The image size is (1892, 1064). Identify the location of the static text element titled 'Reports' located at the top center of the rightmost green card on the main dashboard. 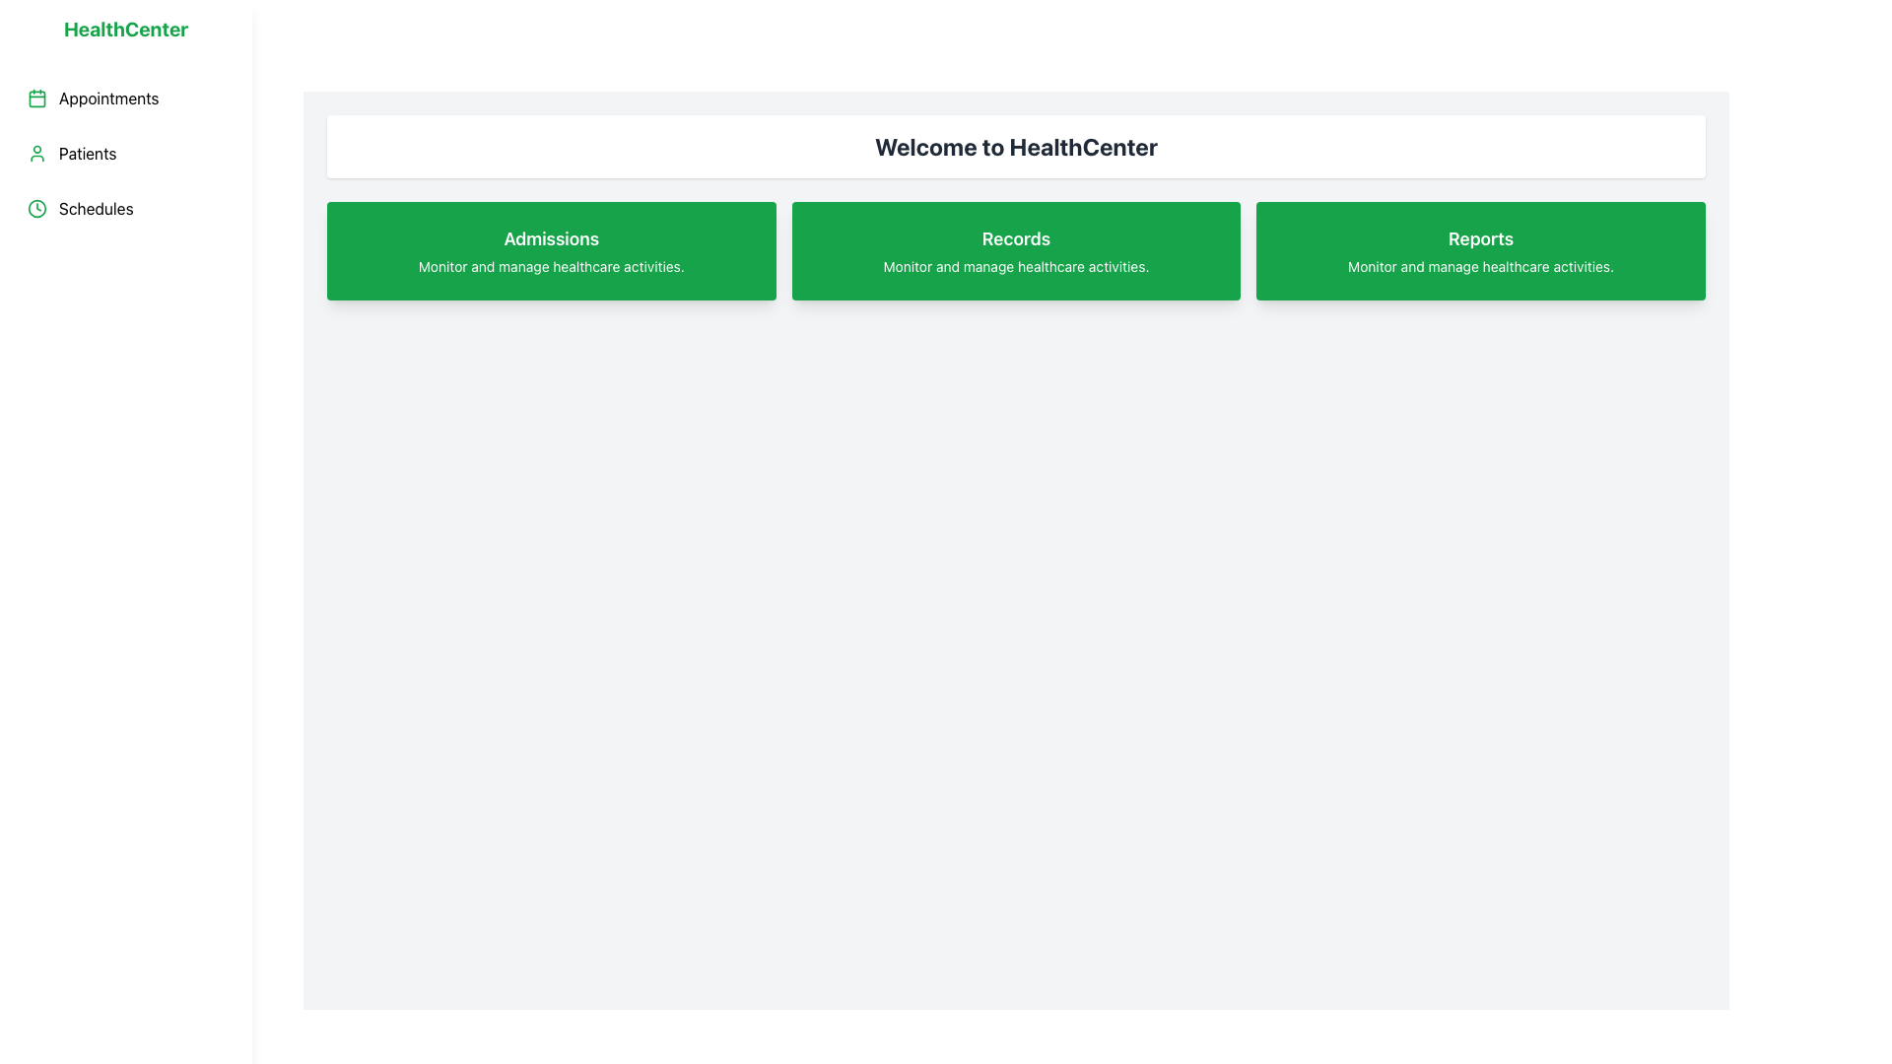
(1481, 238).